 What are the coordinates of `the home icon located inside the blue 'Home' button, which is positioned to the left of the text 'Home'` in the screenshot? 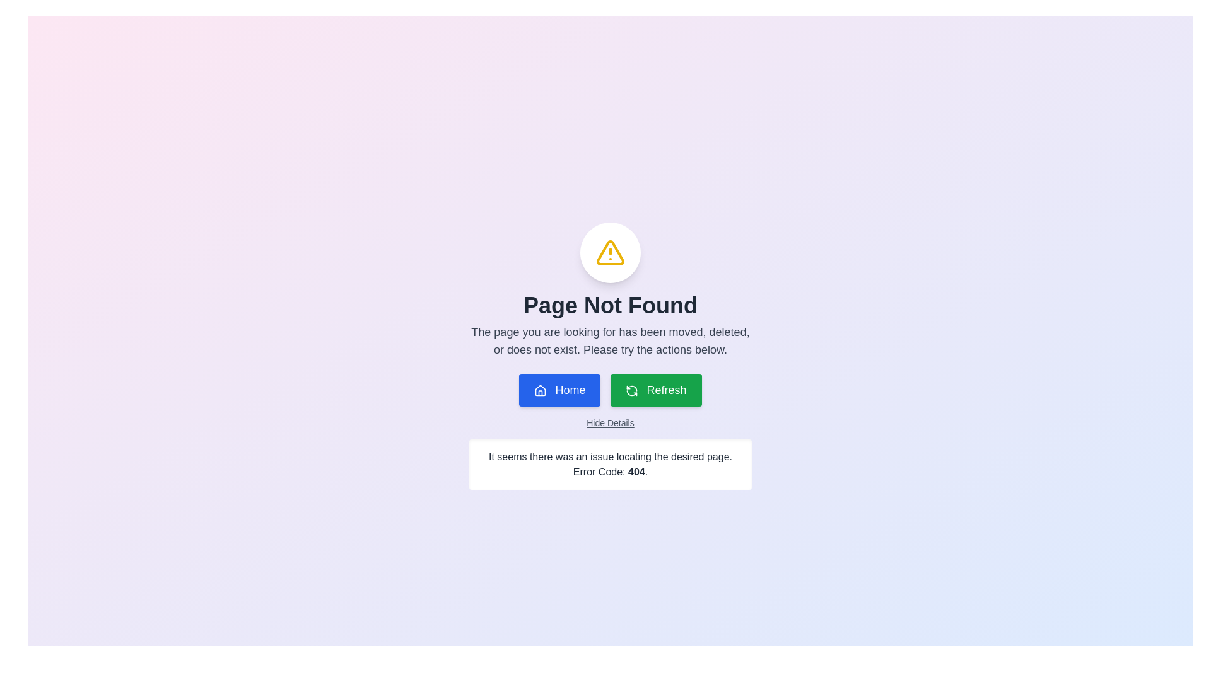 It's located at (541, 390).